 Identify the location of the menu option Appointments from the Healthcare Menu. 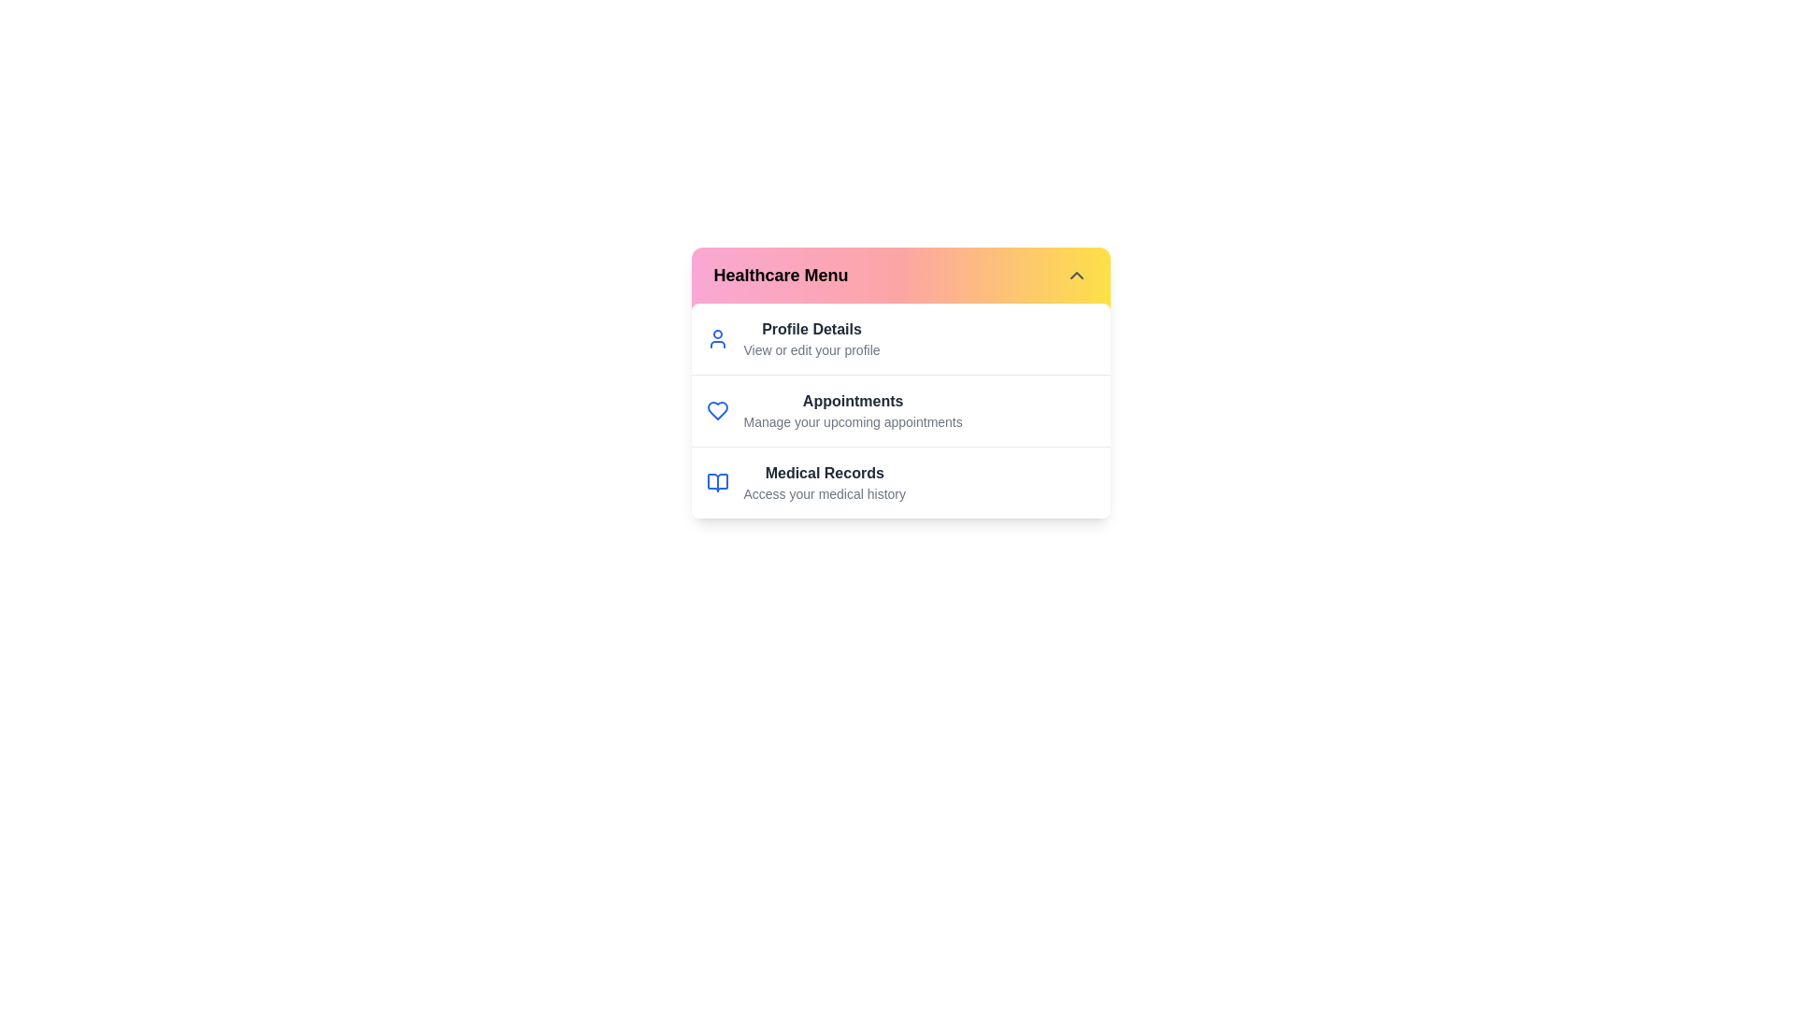
(852, 400).